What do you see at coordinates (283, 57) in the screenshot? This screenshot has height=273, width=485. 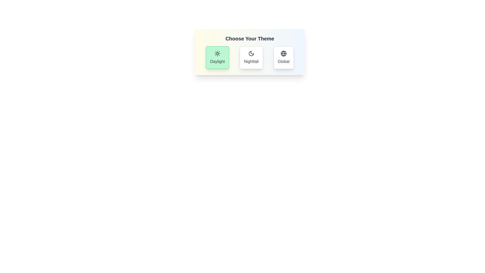 I see `the theme Global by clicking on its button` at bounding box center [283, 57].